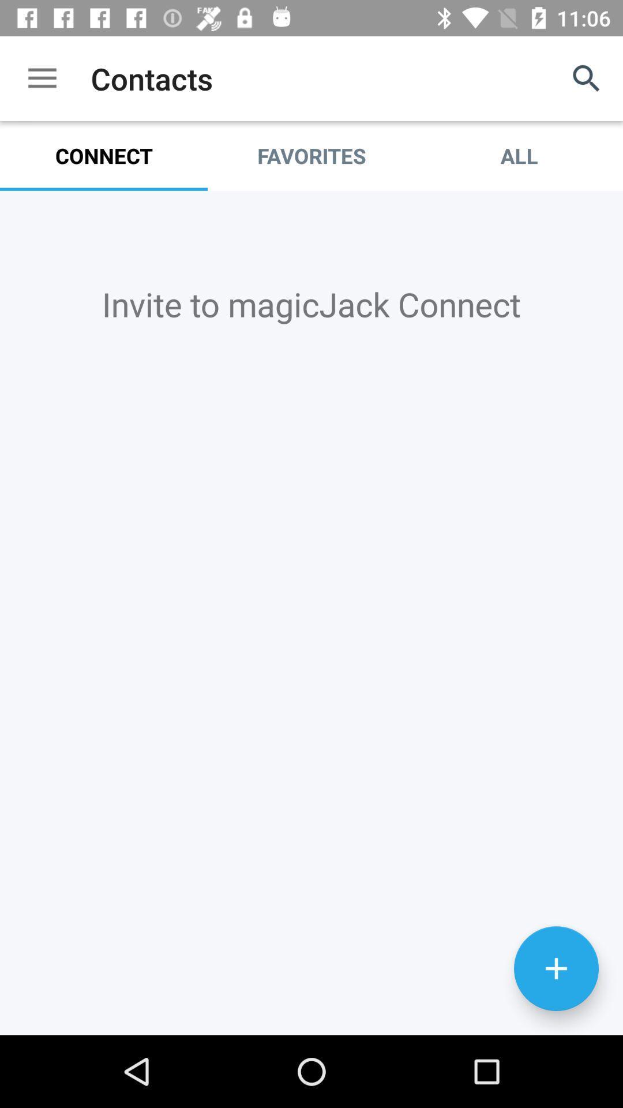 The width and height of the screenshot is (623, 1108). What do you see at coordinates (518, 155) in the screenshot?
I see `icon next to favorites` at bounding box center [518, 155].